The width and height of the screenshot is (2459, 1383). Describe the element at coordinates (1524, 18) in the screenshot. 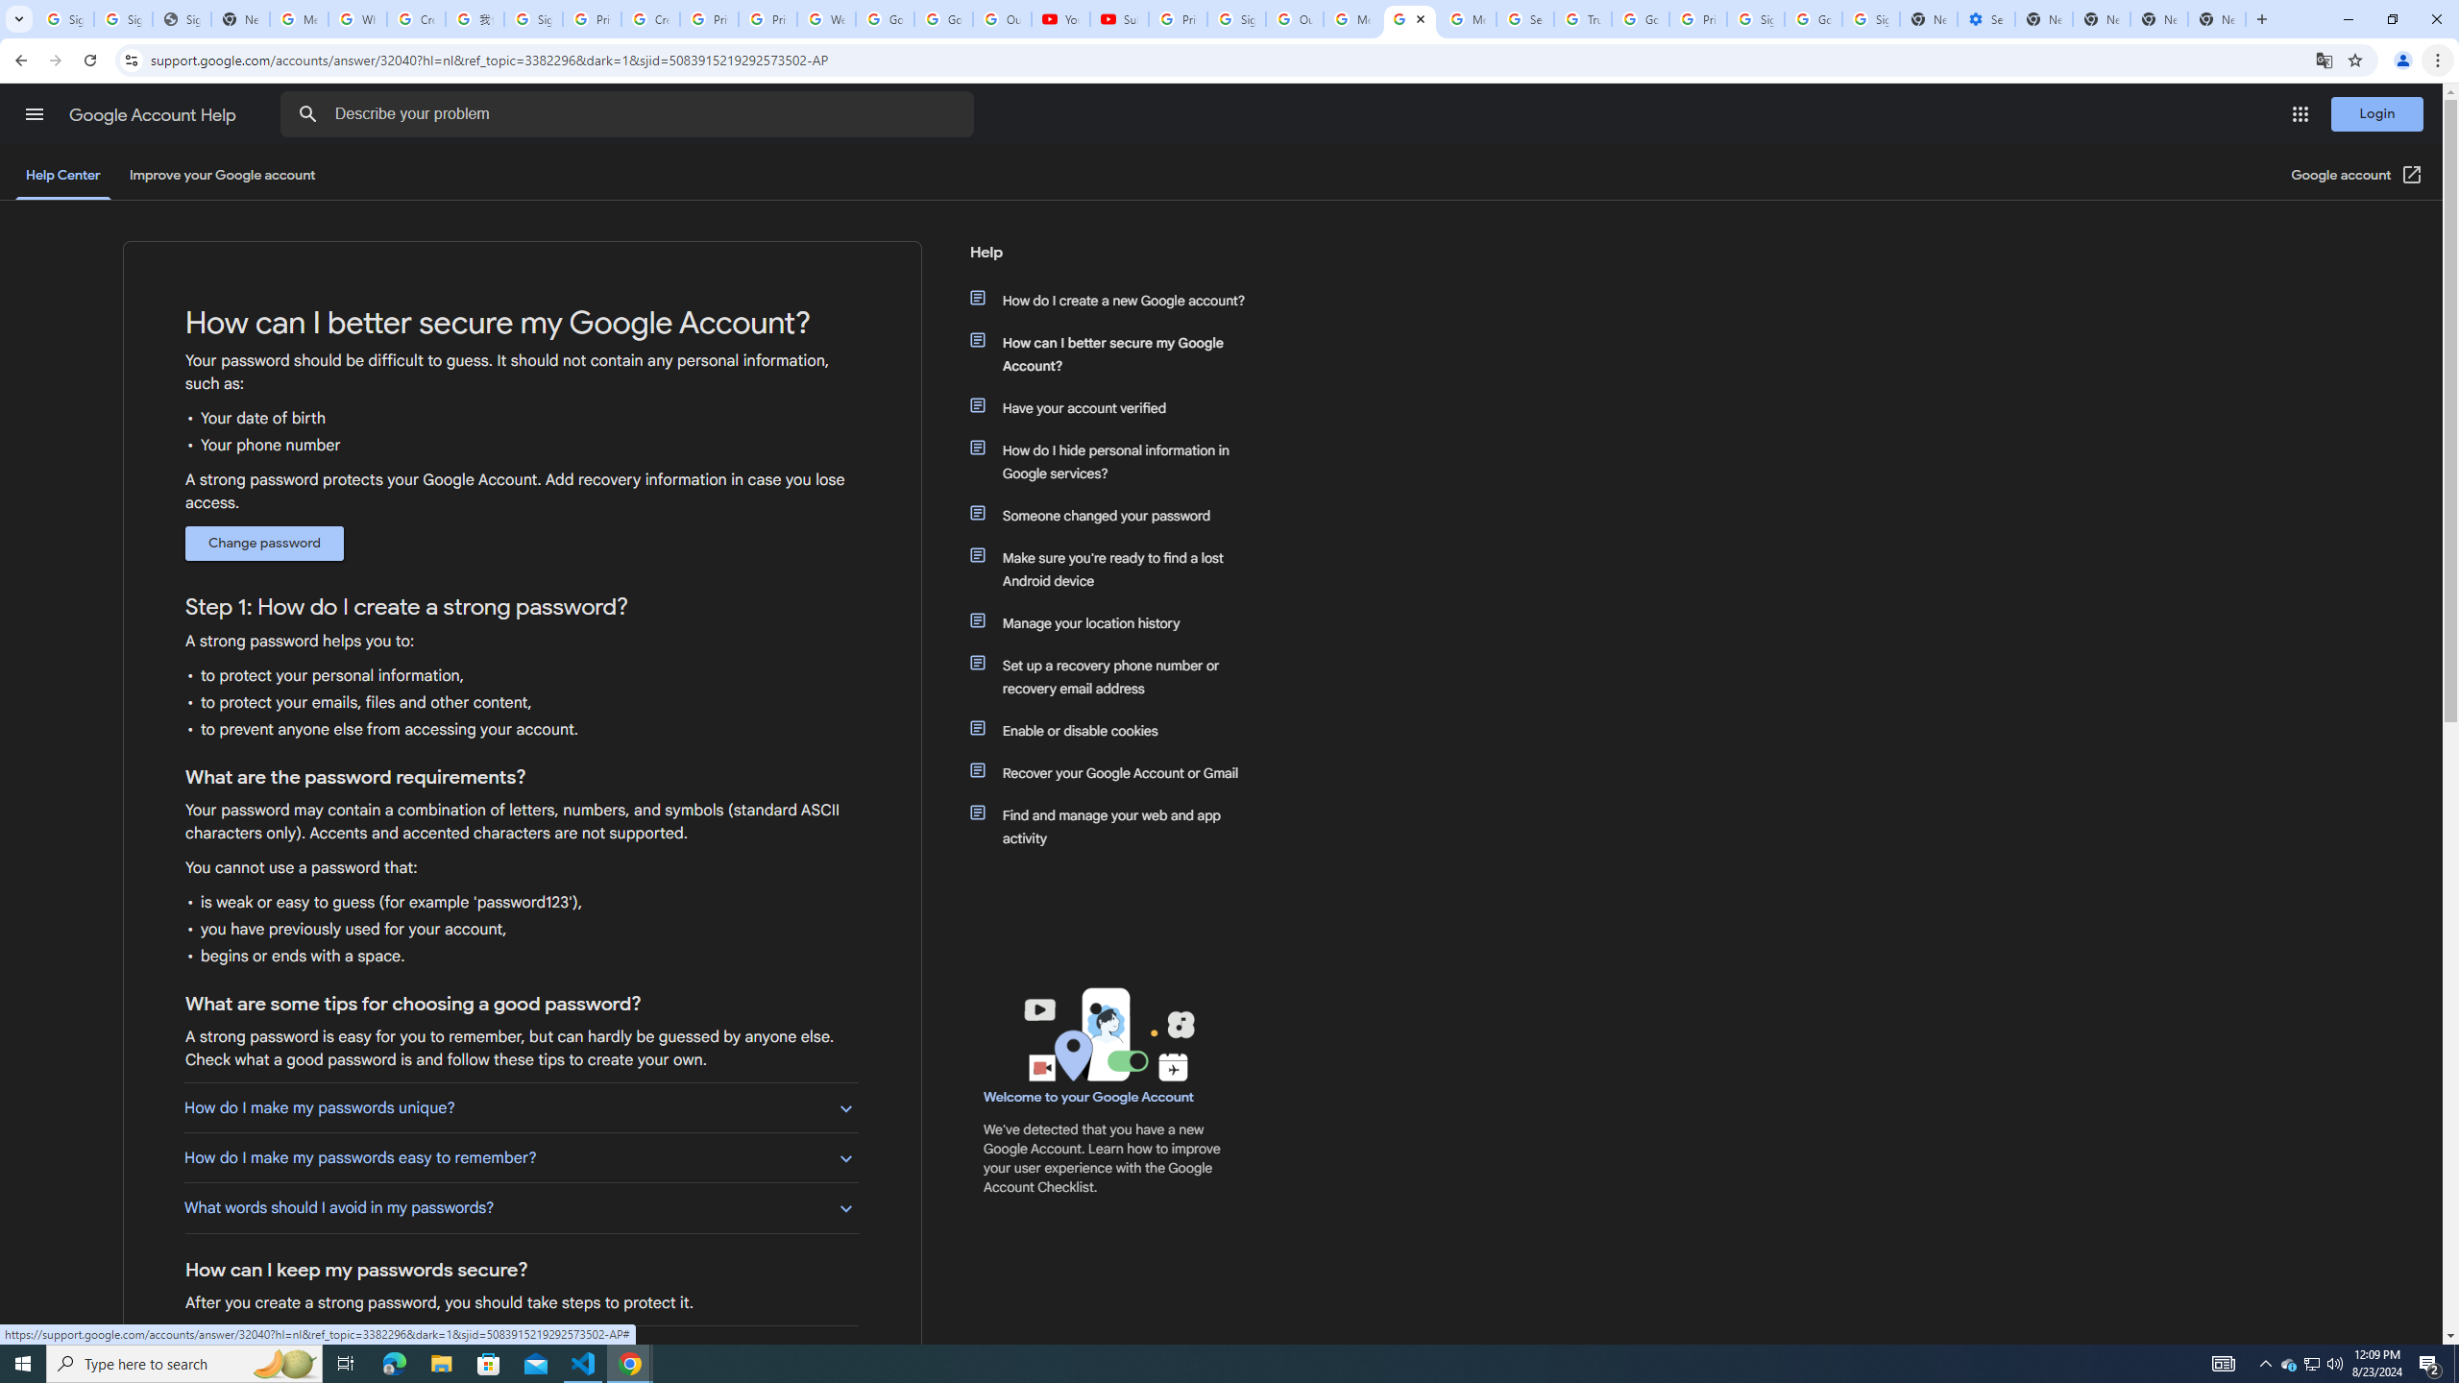

I see `'Search our Doodle Library Collection - Google Doodles'` at that location.